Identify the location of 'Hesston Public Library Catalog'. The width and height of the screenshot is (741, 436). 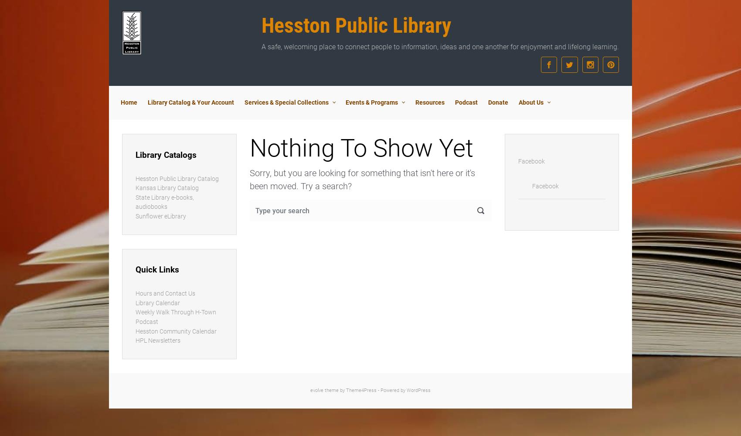
(177, 178).